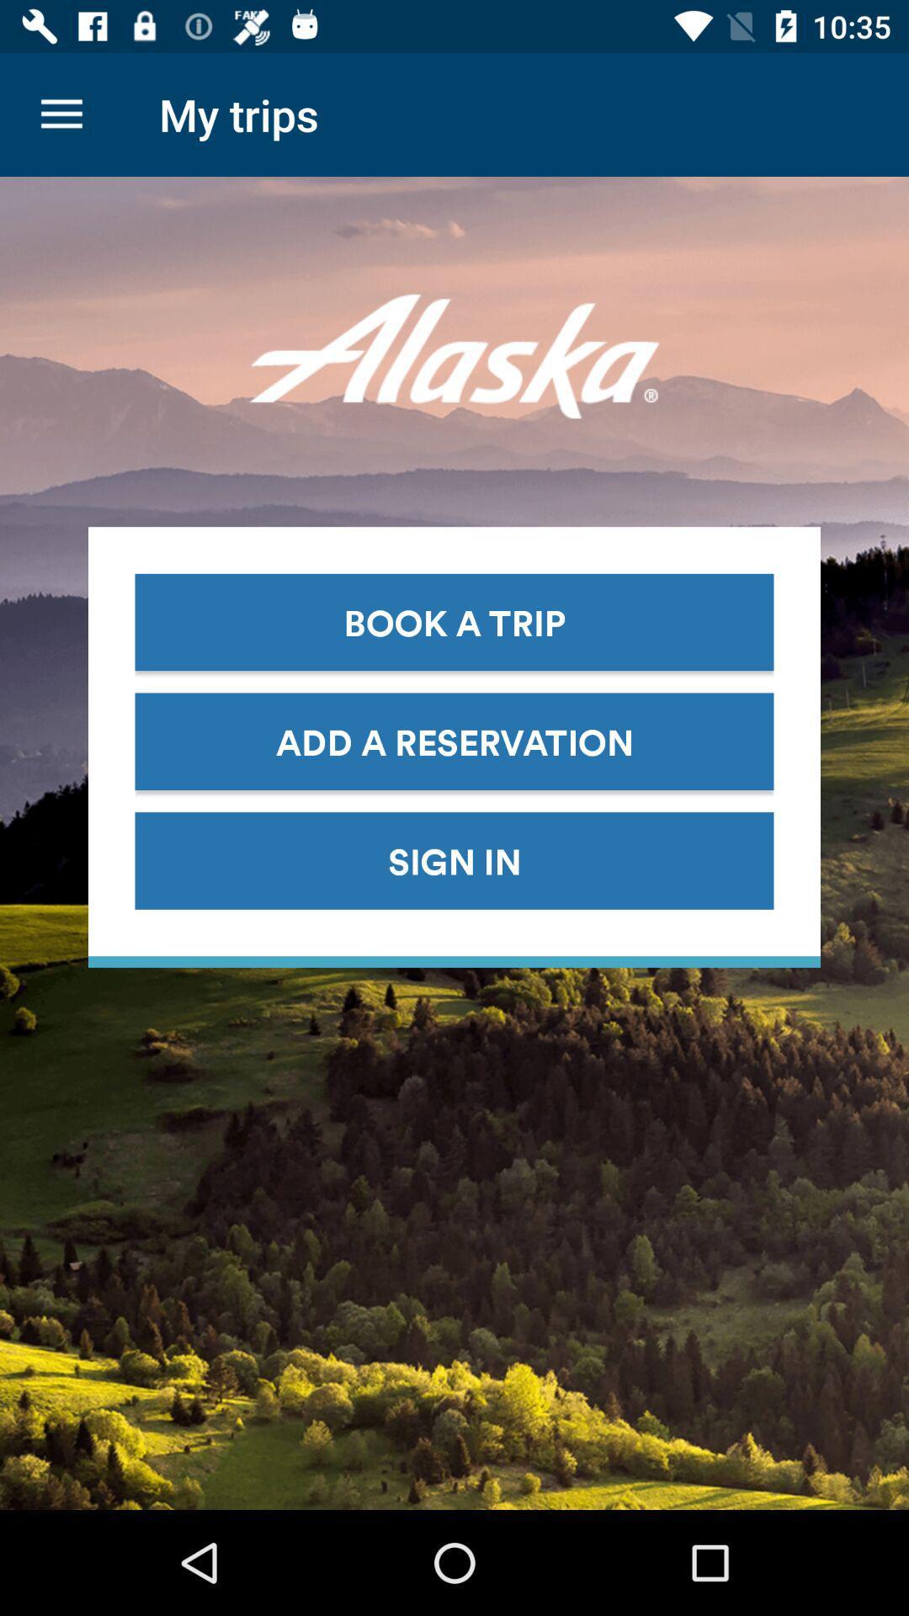 This screenshot has width=909, height=1616. Describe the element at coordinates (454, 741) in the screenshot. I see `item below book a trip icon` at that location.